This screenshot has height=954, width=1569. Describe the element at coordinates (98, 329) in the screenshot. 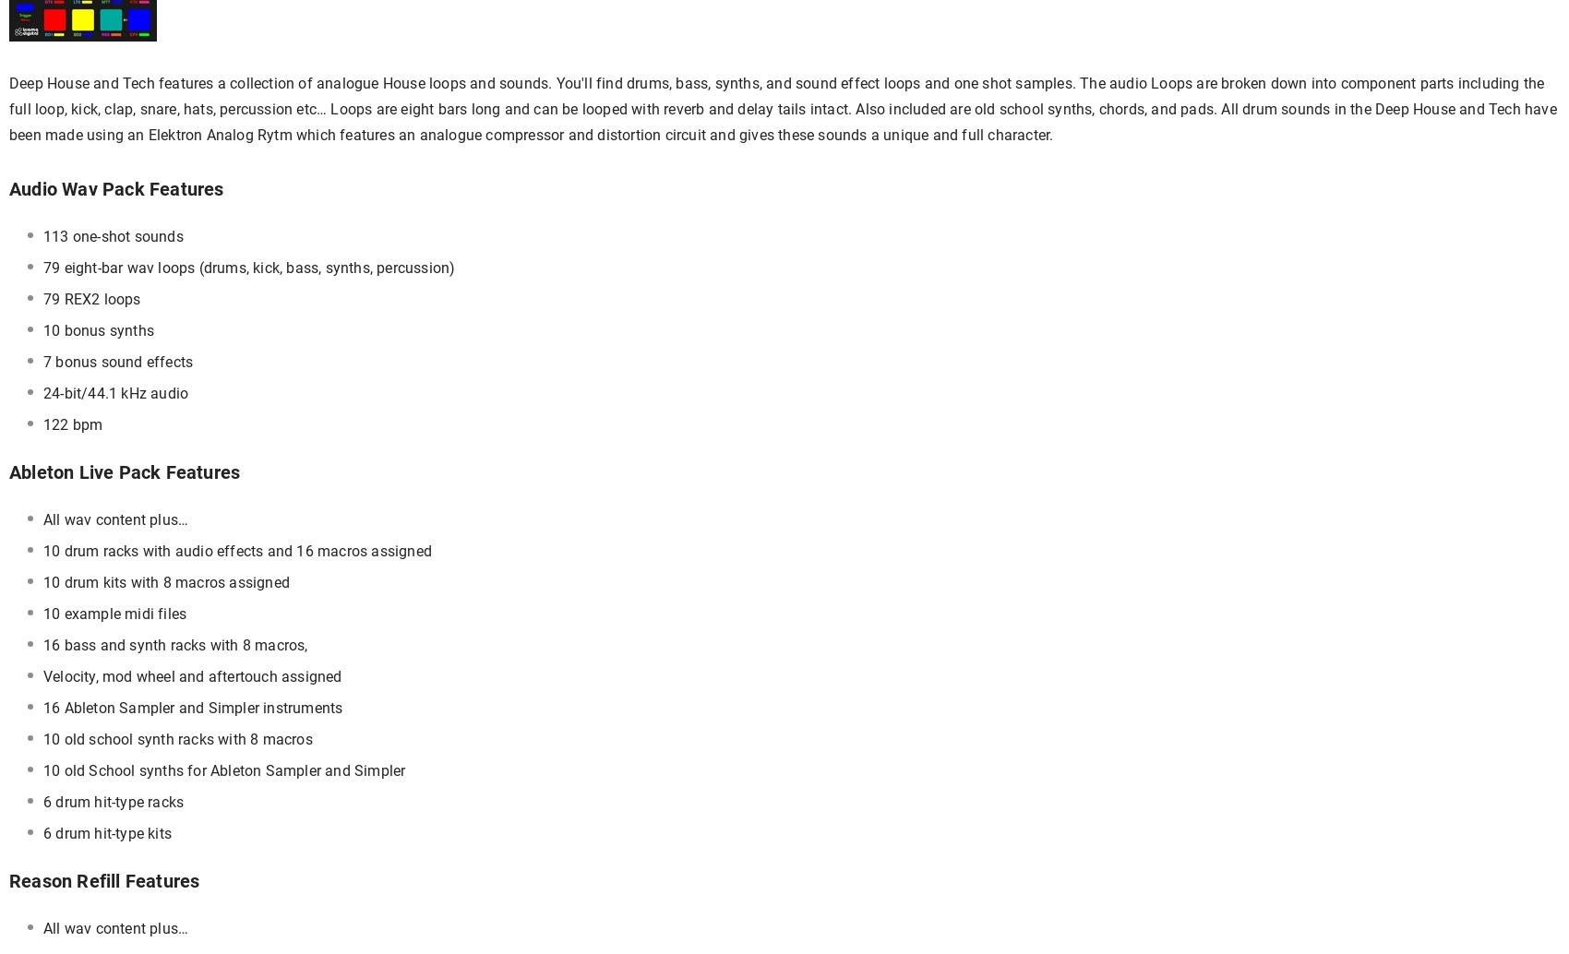

I see `'10 bonus synths'` at that location.